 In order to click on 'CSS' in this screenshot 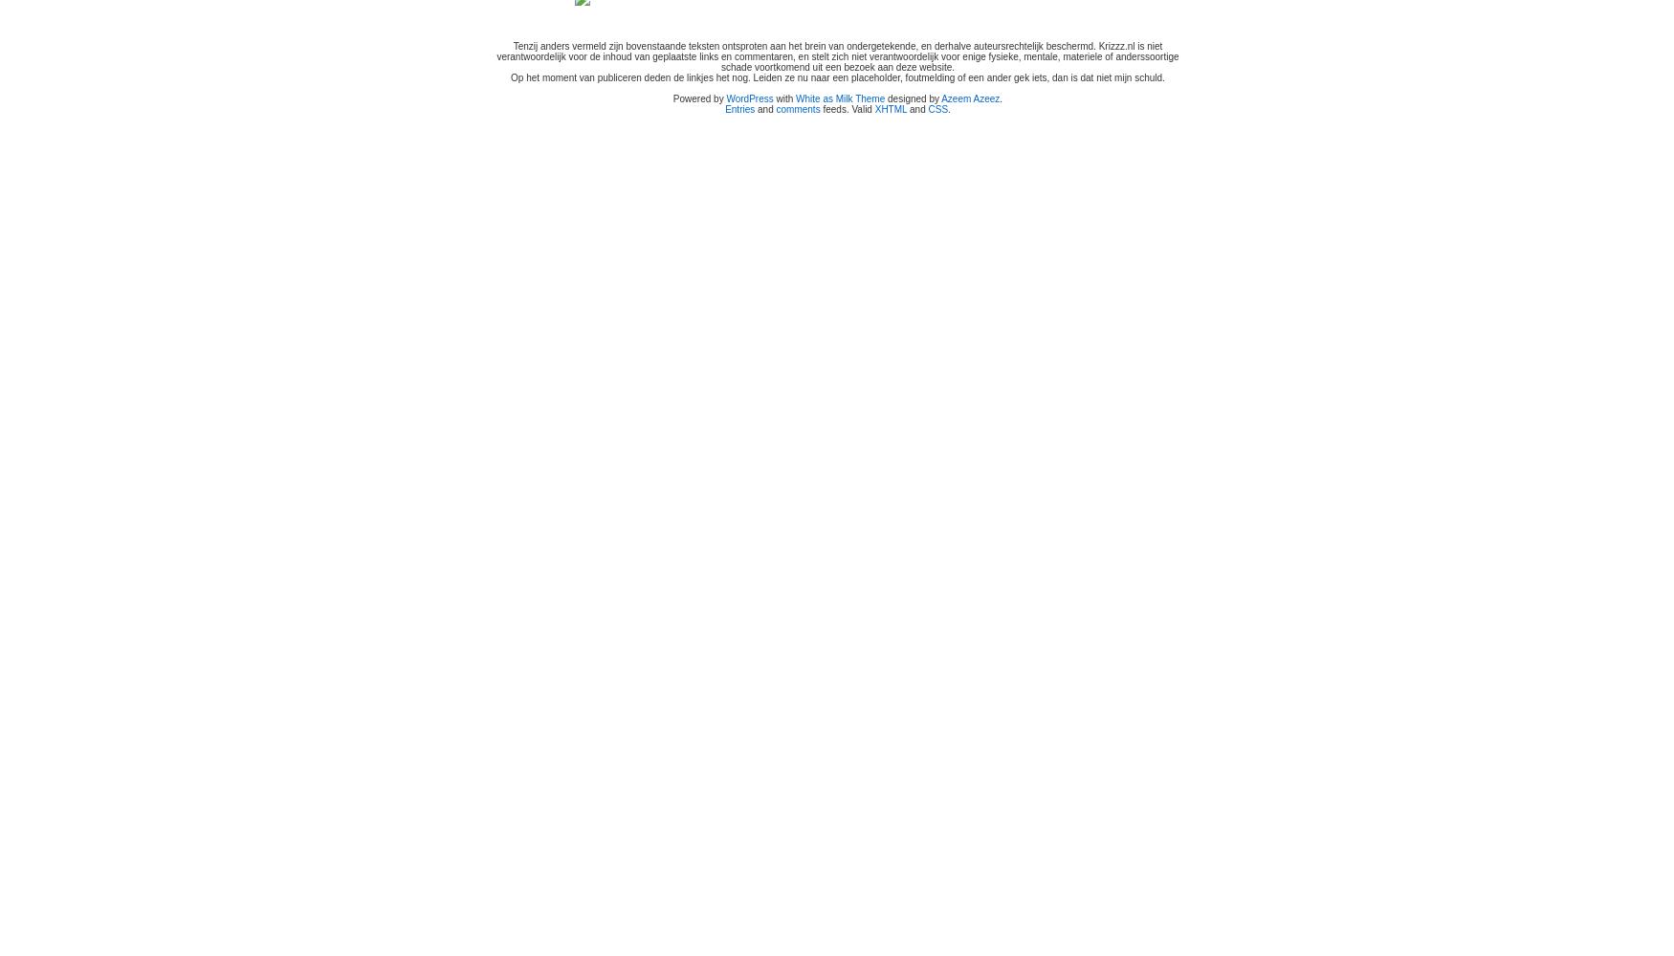, I will do `click(937, 108)`.